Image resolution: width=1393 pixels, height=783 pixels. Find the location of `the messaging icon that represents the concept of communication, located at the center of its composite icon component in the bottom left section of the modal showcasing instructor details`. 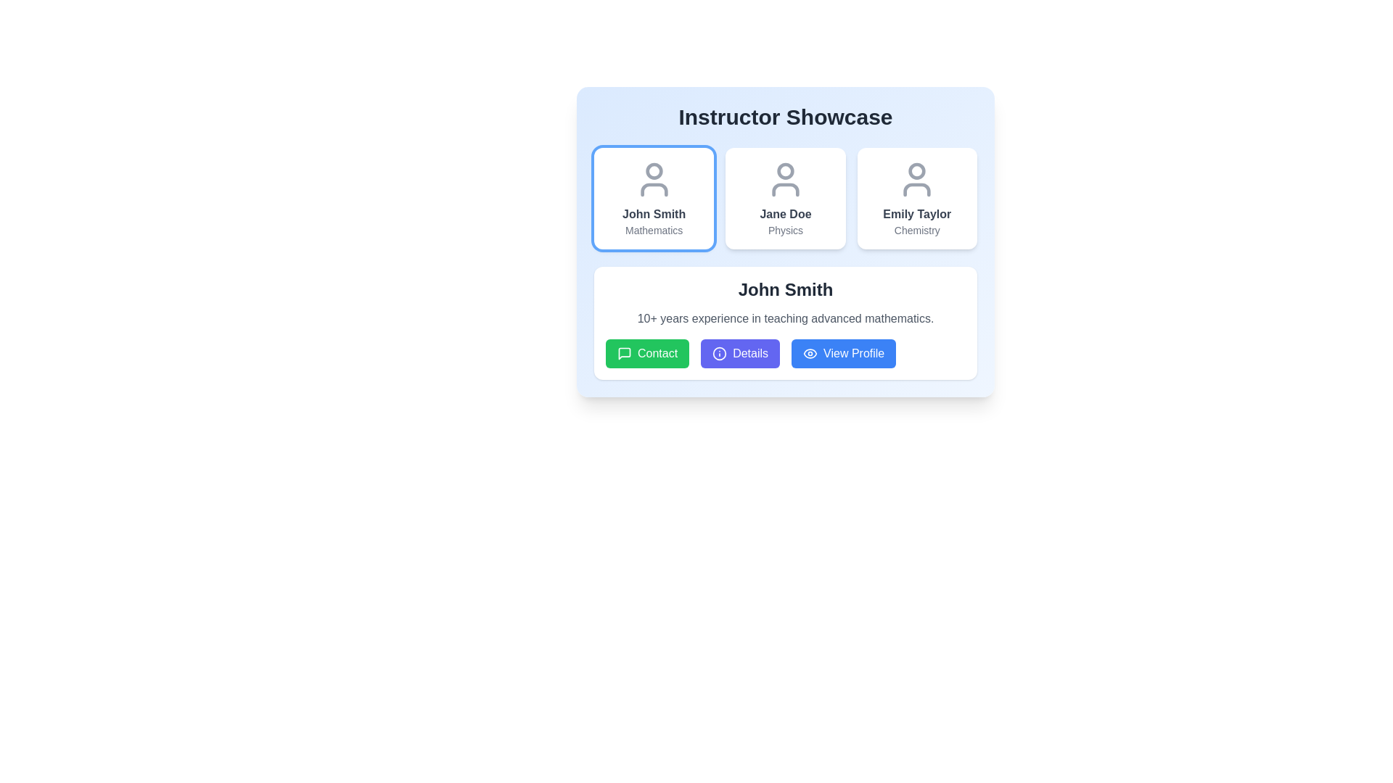

the messaging icon that represents the concept of communication, located at the center of its composite icon component in the bottom left section of the modal showcasing instructor details is located at coordinates (624, 354).